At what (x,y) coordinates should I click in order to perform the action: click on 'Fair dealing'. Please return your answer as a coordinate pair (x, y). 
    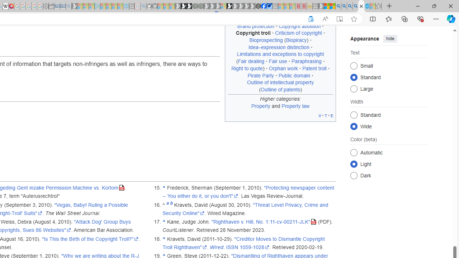
    Looking at the image, I should click on (251, 61).